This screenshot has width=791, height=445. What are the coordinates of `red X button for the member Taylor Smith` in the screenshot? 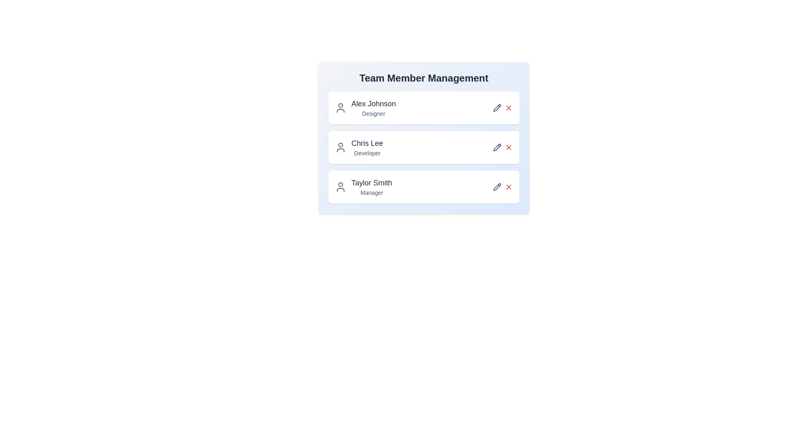 It's located at (508, 187).